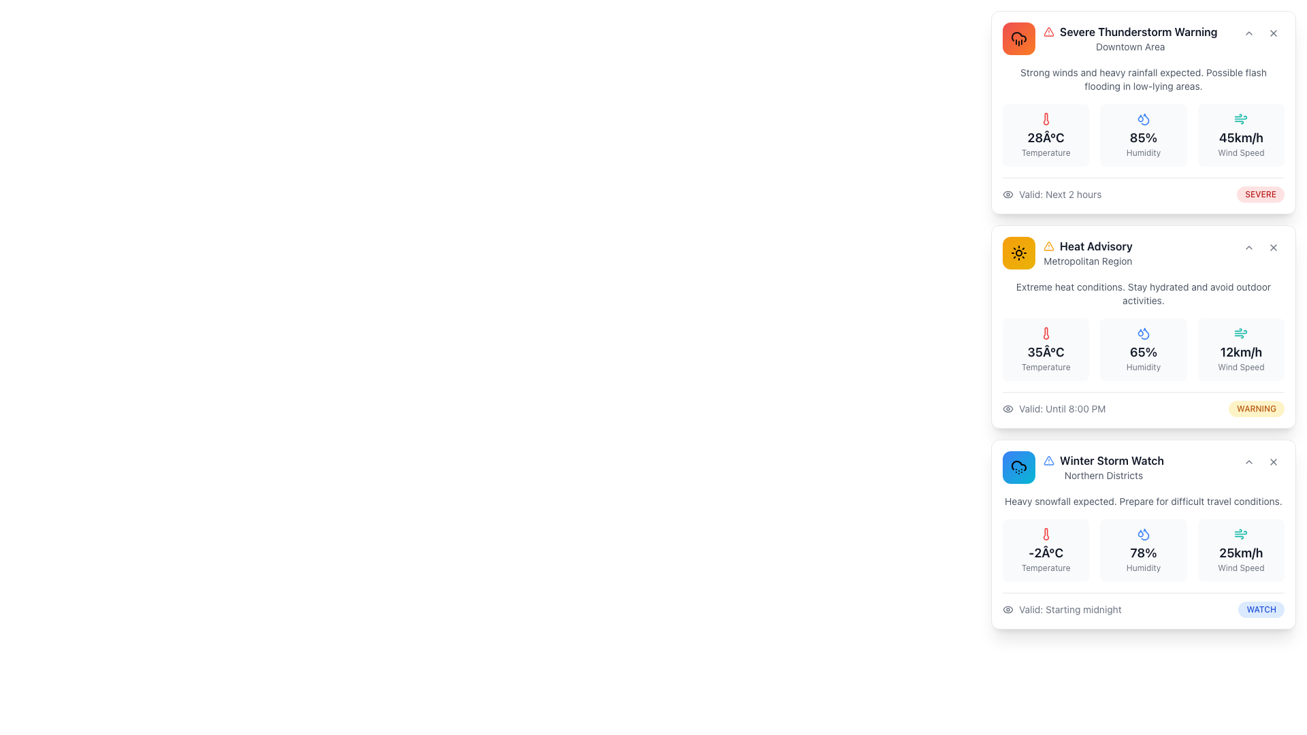 This screenshot has width=1307, height=735. Describe the element at coordinates (1241, 367) in the screenshot. I see `the 'Wind Speed' text label, which is styled in a small, light gray font and positioned below the numerical wind speed value '12km/h' within the 'Heat Advisory' card` at that location.